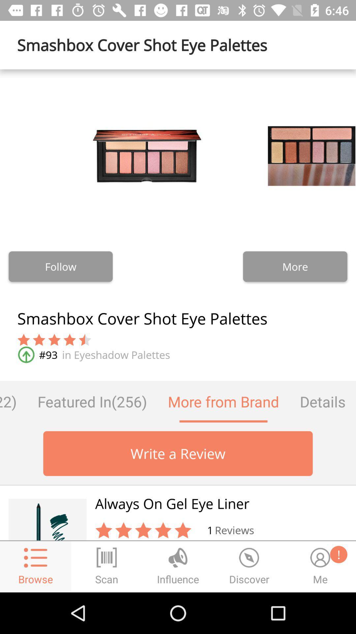 The image size is (356, 634). What do you see at coordinates (322, 401) in the screenshot?
I see `item above write a review` at bounding box center [322, 401].